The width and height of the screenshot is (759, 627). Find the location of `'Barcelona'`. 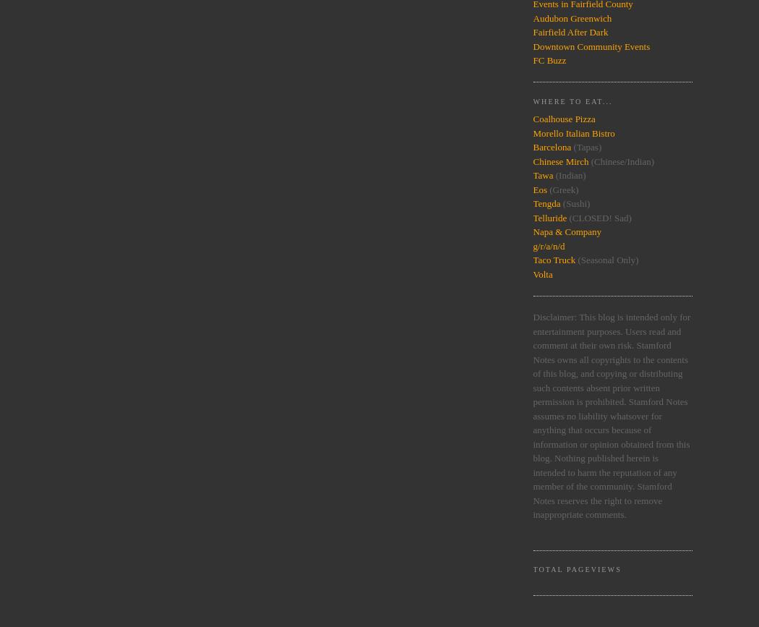

'Barcelona' is located at coordinates (531, 147).